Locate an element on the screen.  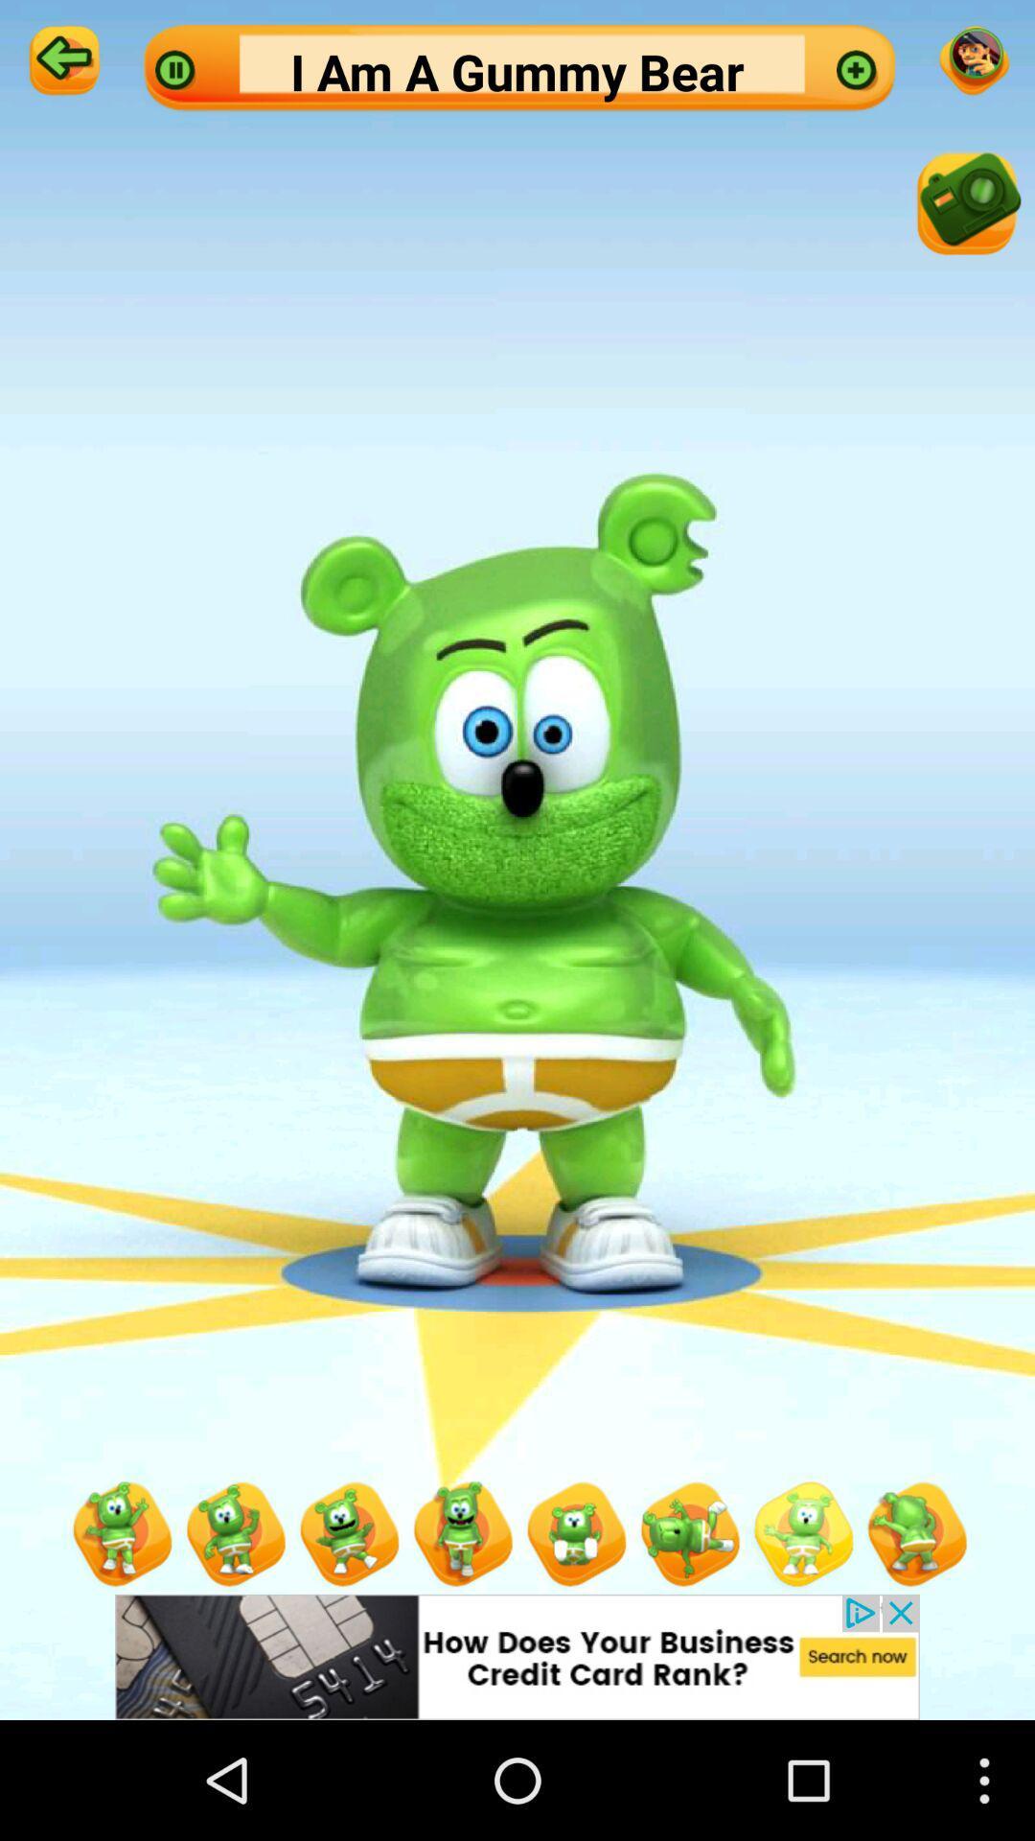
the arrow_backward icon is located at coordinates (61, 67).